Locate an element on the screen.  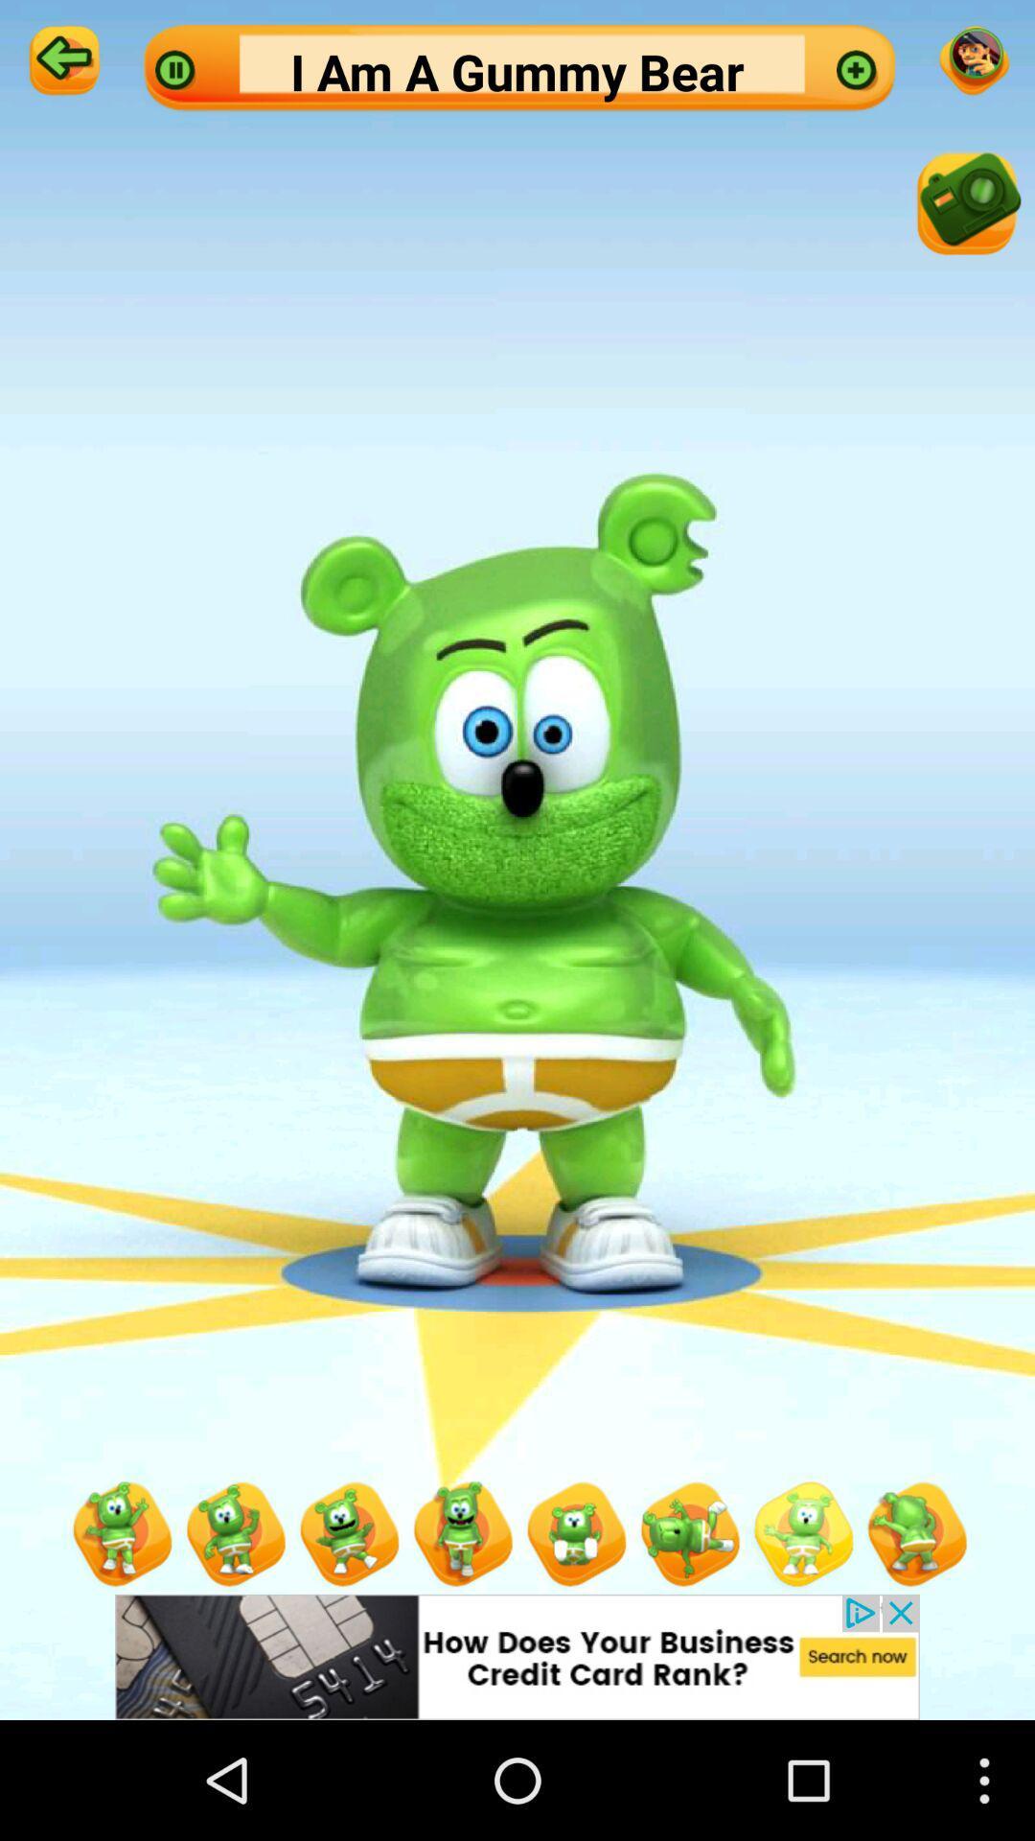
the arrow_backward icon is located at coordinates (61, 67).